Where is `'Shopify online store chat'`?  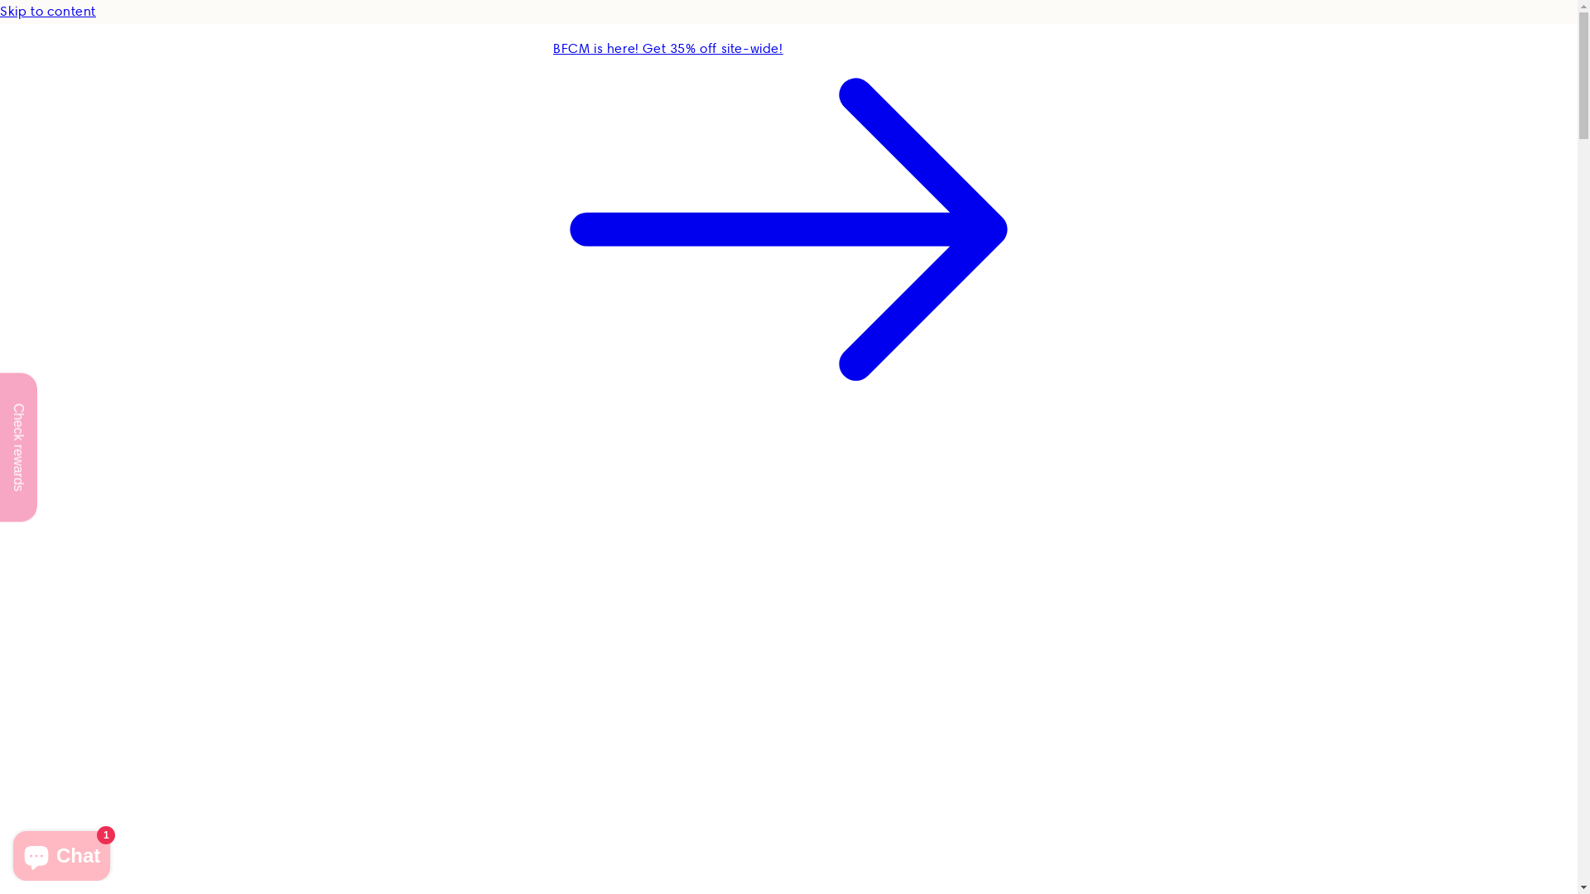 'Shopify online store chat' is located at coordinates (61, 852).